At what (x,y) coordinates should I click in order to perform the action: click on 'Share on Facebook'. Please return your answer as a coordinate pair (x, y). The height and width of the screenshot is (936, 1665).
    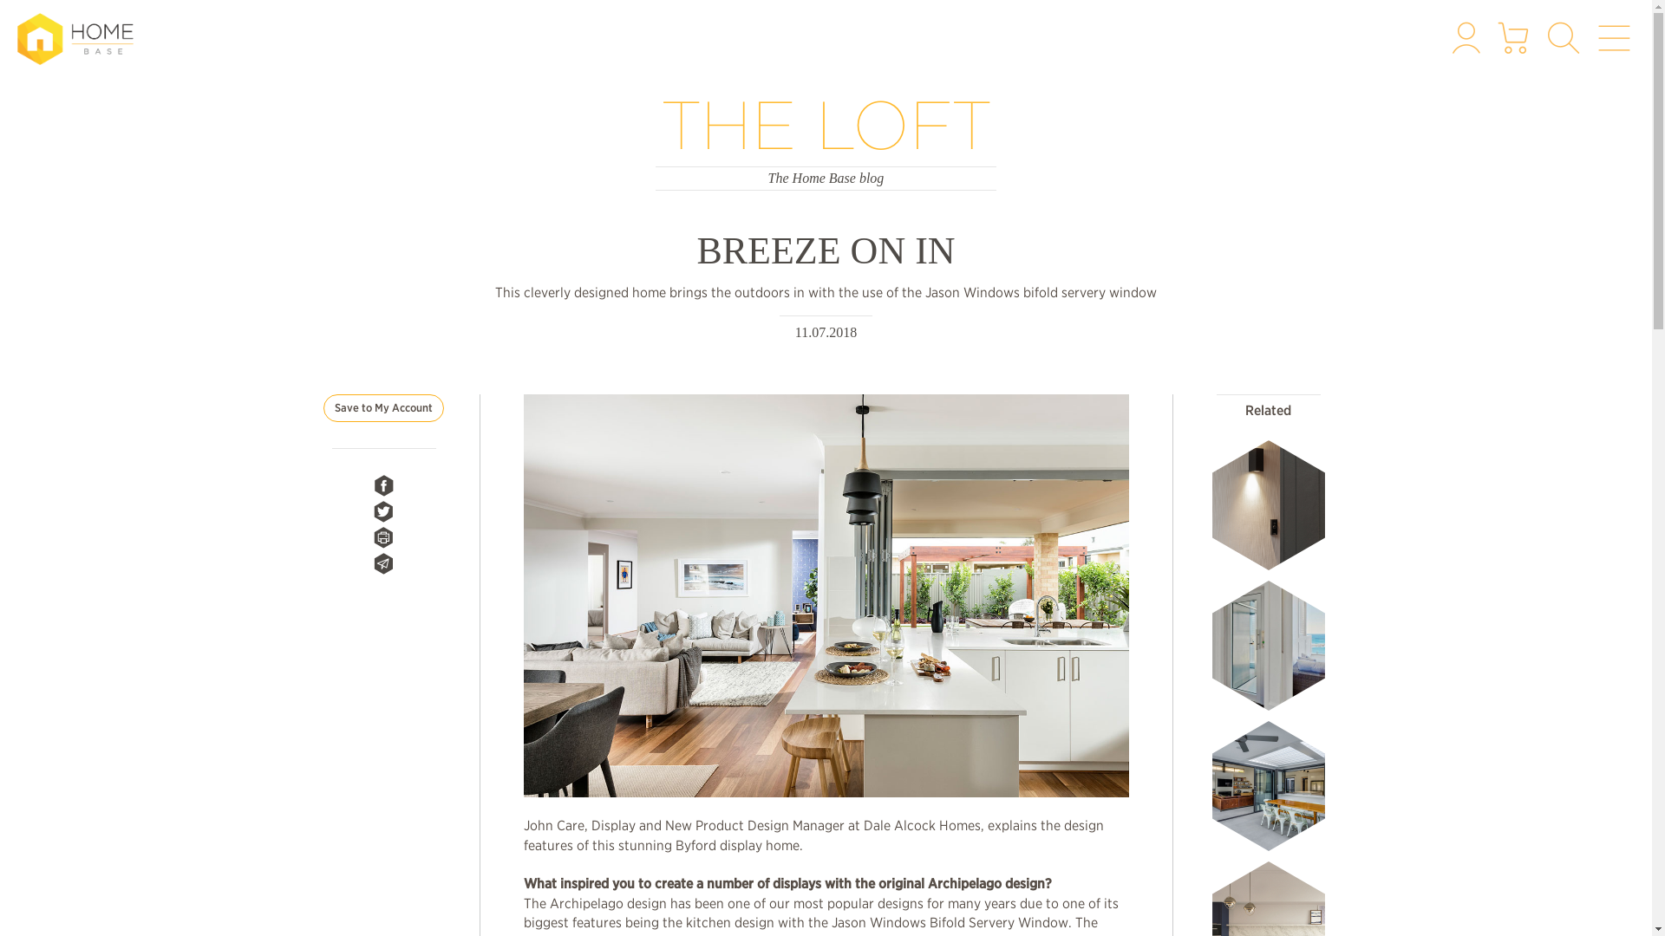
    Looking at the image, I should click on (382, 485).